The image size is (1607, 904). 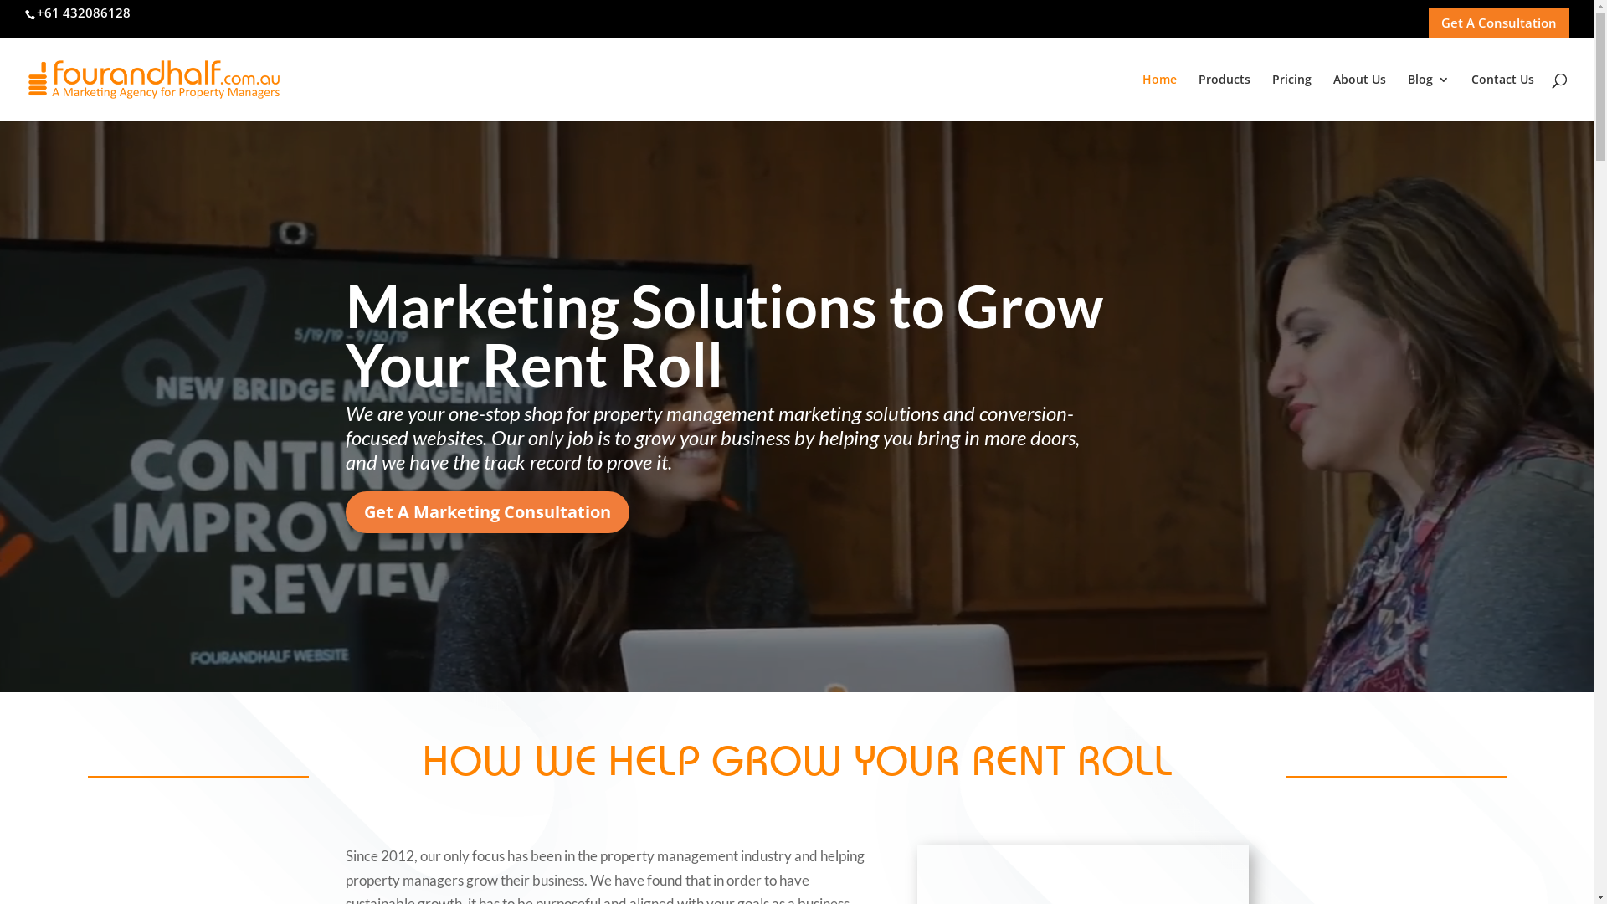 What do you see at coordinates (83, 13) in the screenshot?
I see `'+61 432086128'` at bounding box center [83, 13].